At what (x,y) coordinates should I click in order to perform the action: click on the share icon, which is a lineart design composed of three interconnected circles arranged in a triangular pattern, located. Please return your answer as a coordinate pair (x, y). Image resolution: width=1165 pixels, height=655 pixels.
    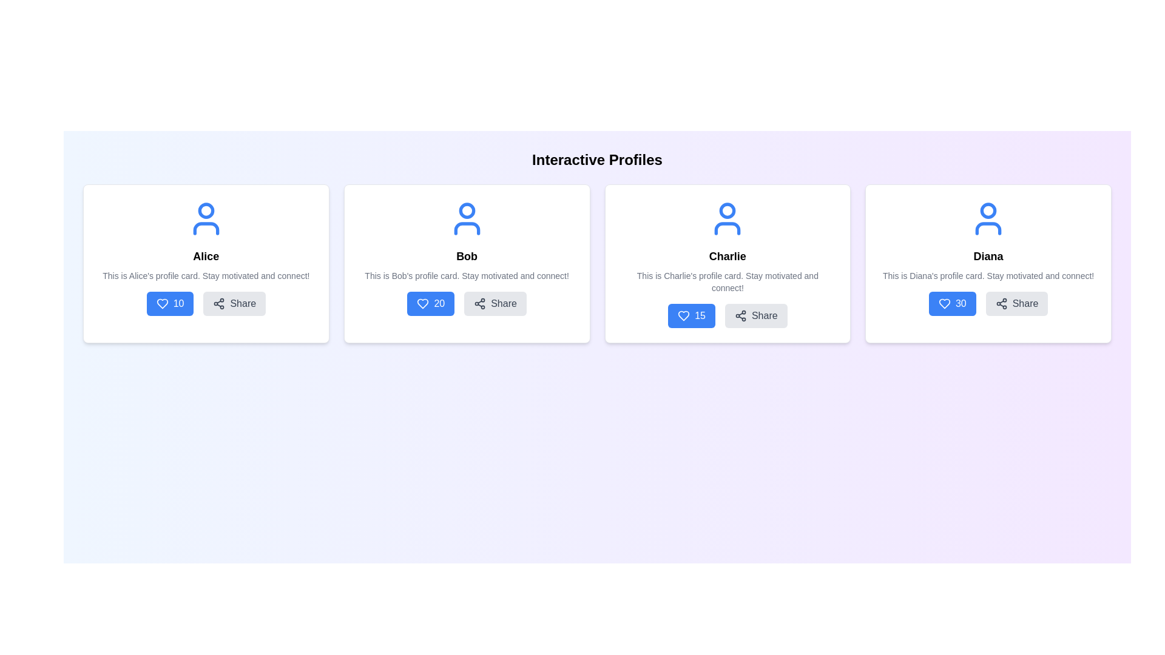
    Looking at the image, I should click on (219, 303).